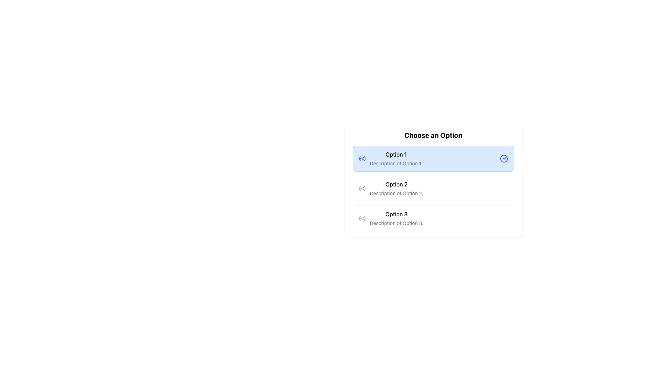 This screenshot has height=375, width=667. What do you see at coordinates (396, 163) in the screenshot?
I see `the supplementary information text label that describes 'Option 1', located directly below it within the option selection component` at bounding box center [396, 163].